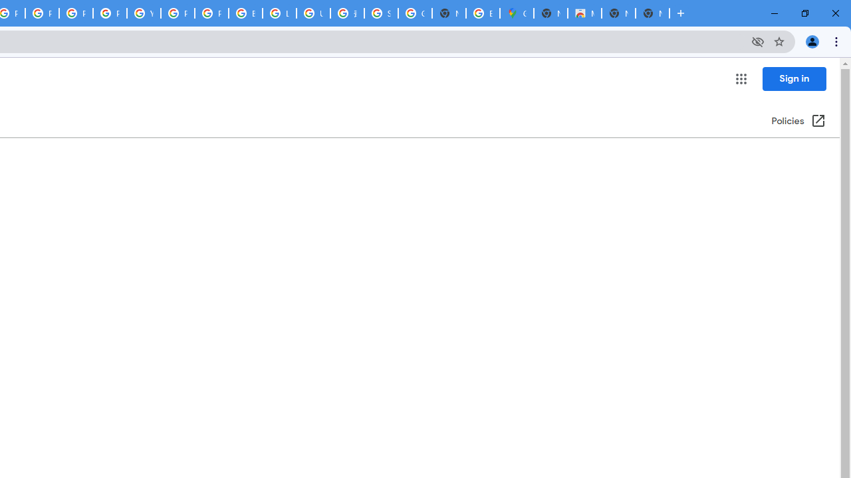 Image resolution: width=851 pixels, height=478 pixels. What do you see at coordinates (652, 13) in the screenshot?
I see `'New Tab'` at bounding box center [652, 13].